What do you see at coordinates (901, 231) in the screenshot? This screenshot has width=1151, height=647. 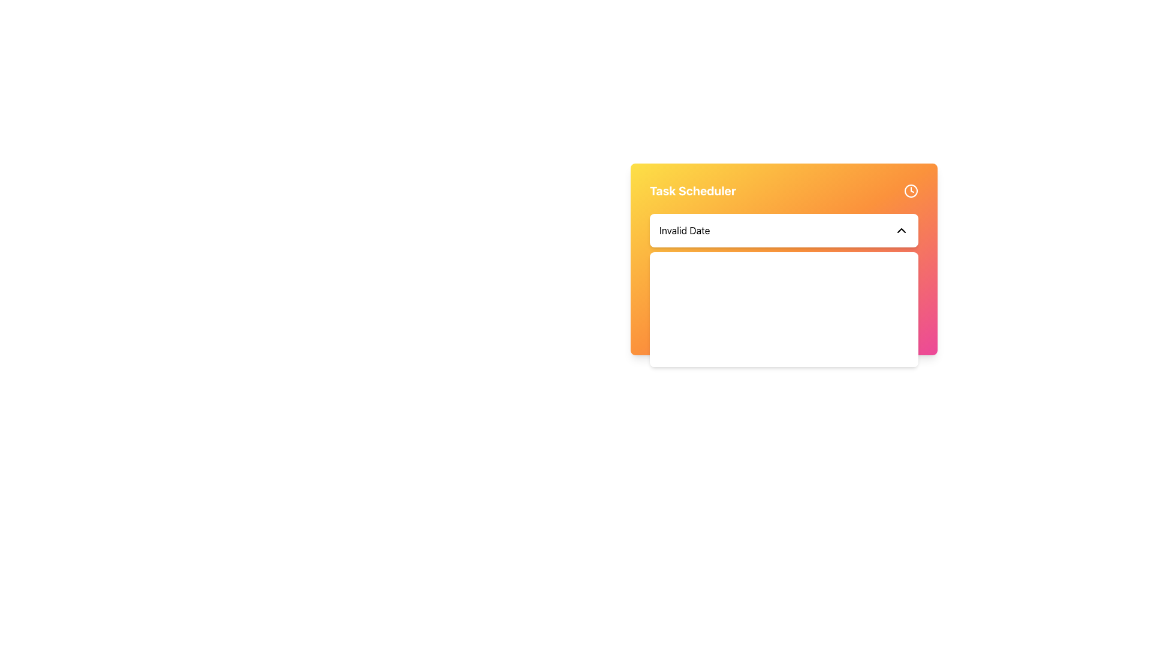 I see `the chevron icon located on the right-hand side of the 'Invalid Date' box` at bounding box center [901, 231].